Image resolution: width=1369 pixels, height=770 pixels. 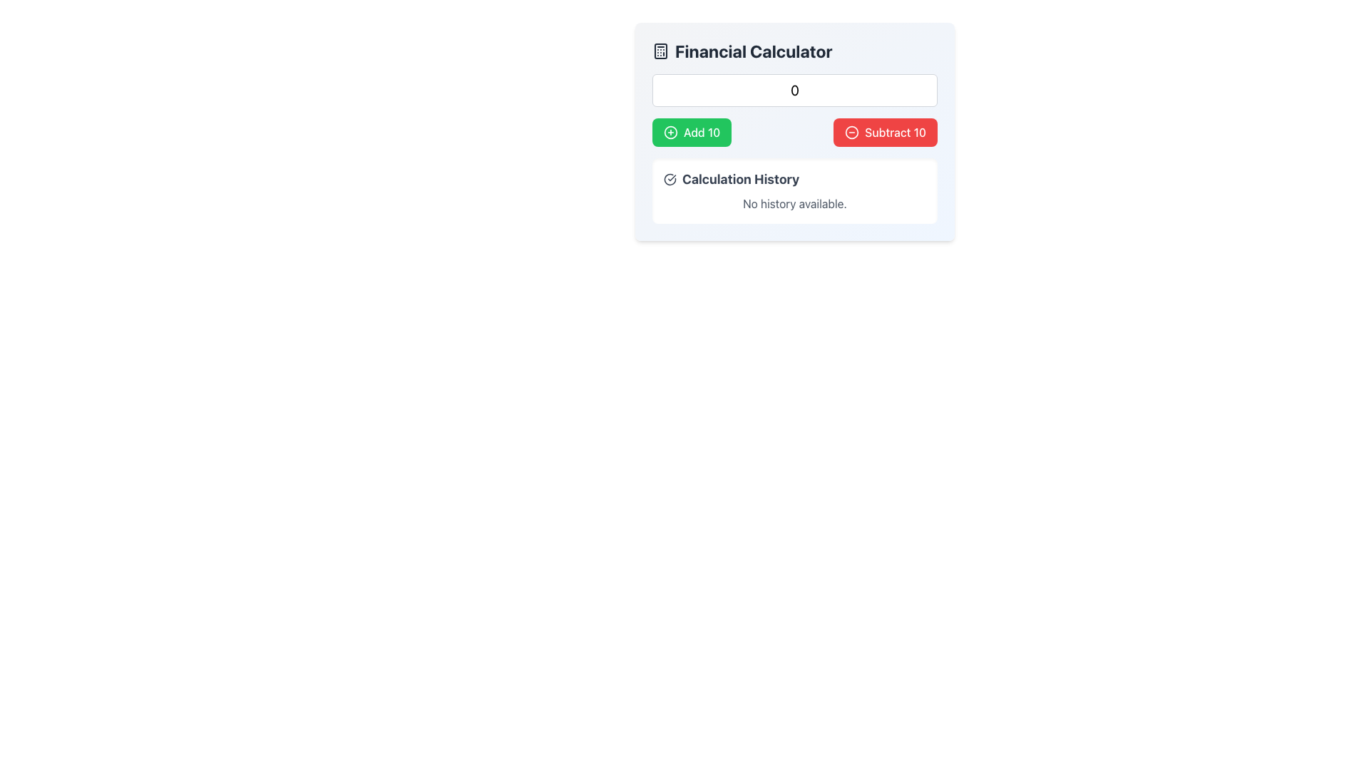 What do you see at coordinates (852, 132) in the screenshot?
I see `the circular decorative component within the subtraction icon located to the left of the 'Subtract 10' button` at bounding box center [852, 132].